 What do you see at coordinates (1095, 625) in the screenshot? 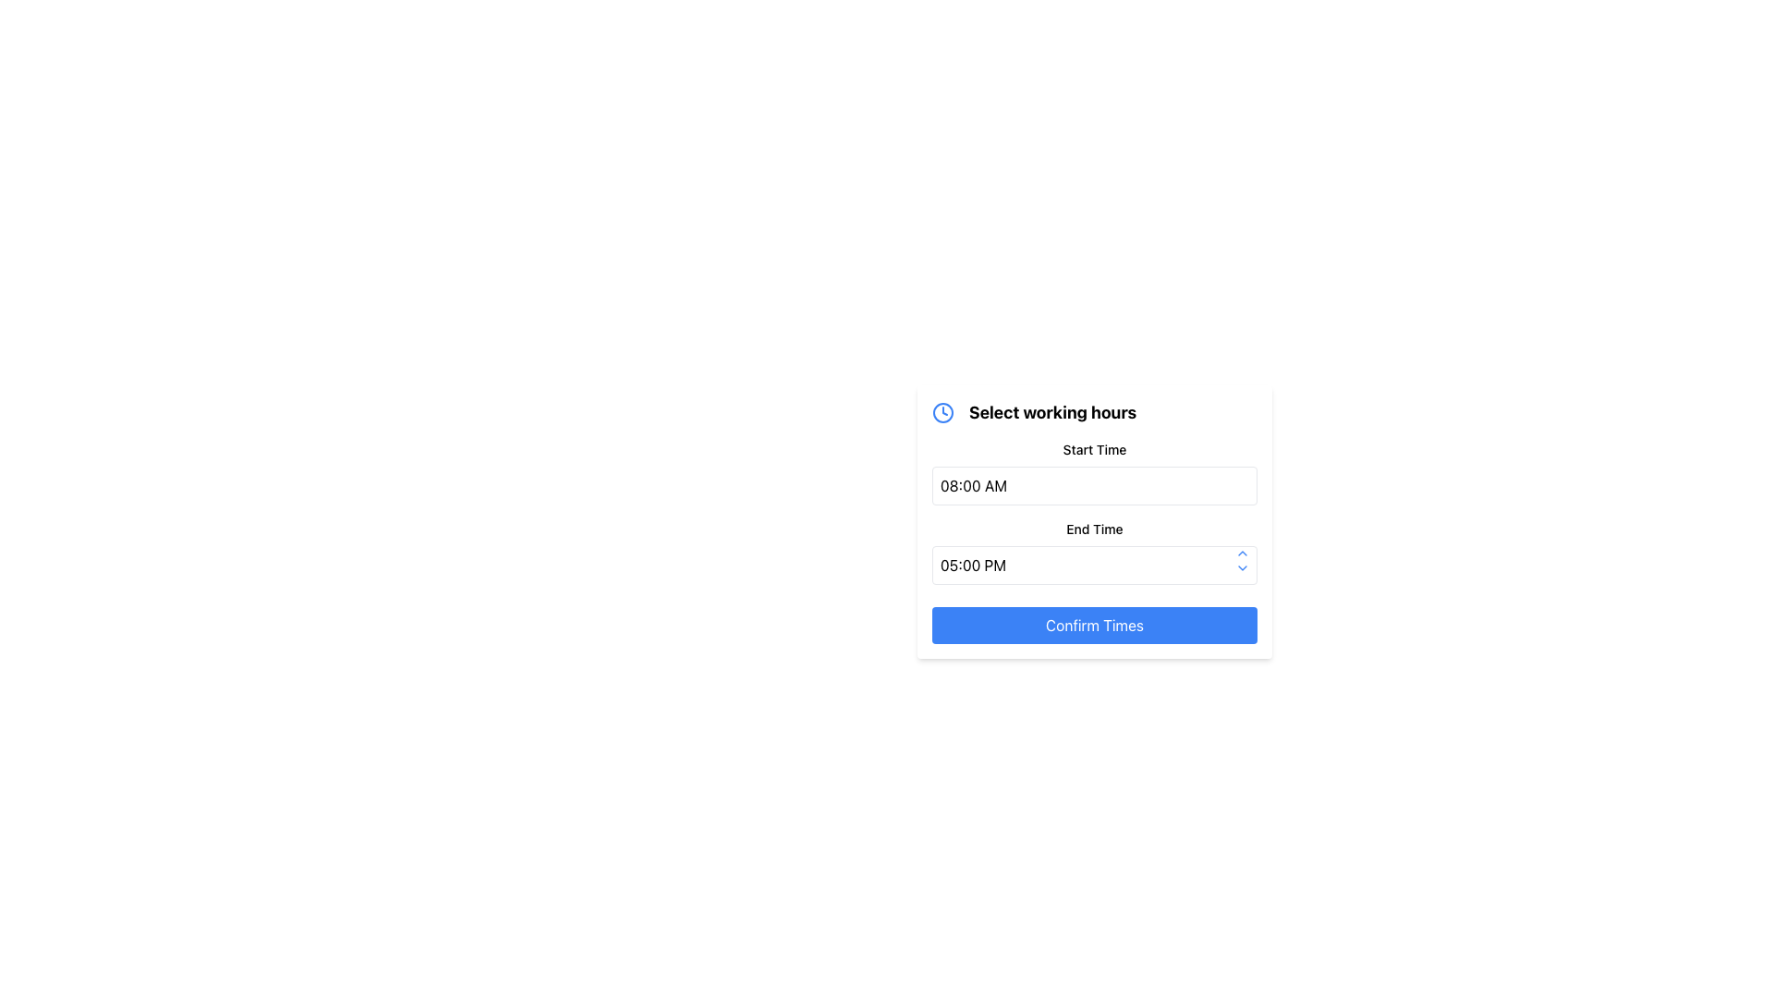
I see `the confirm button located at the bottom of the 'Select working hours' card to confirm the selected start and end times` at bounding box center [1095, 625].